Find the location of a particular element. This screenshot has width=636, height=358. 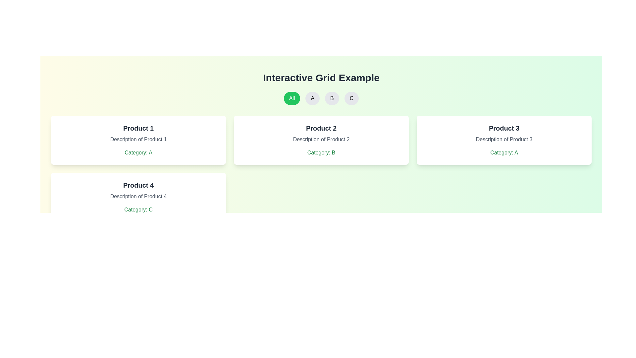

the informative Text label that indicates the category of the associated product, located below 'Description of Product 2' in the 'Product 2' card is located at coordinates (321, 153).